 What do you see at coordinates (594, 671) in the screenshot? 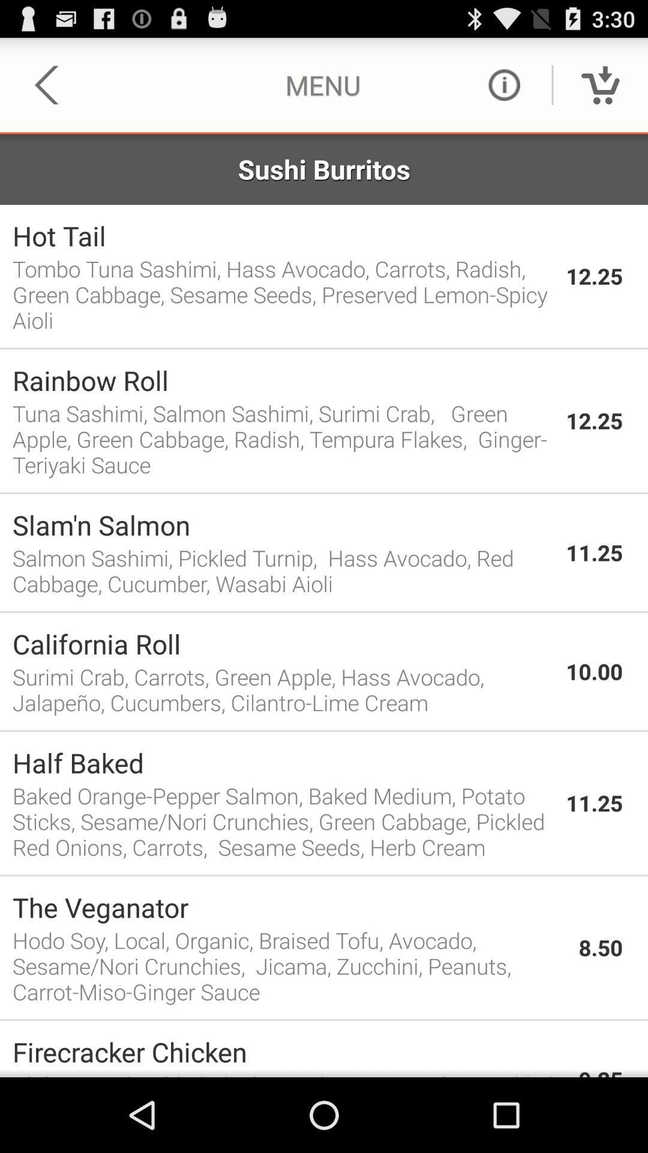
I see `the item to the right of california roll` at bounding box center [594, 671].